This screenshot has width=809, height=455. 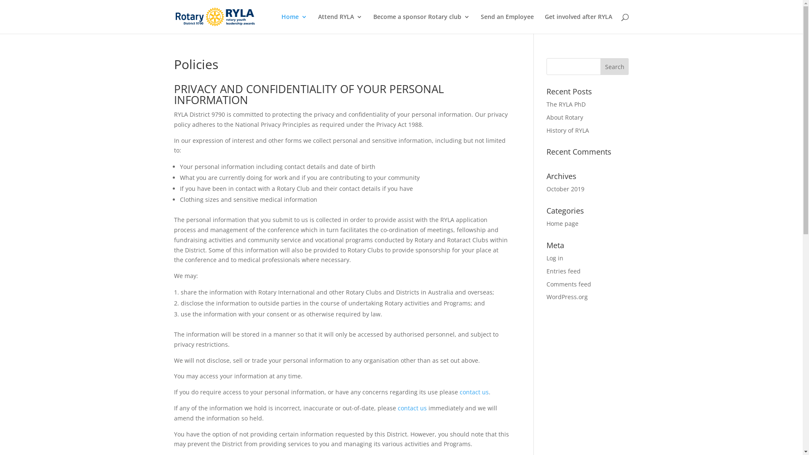 What do you see at coordinates (546, 188) in the screenshot?
I see `'October 2019'` at bounding box center [546, 188].